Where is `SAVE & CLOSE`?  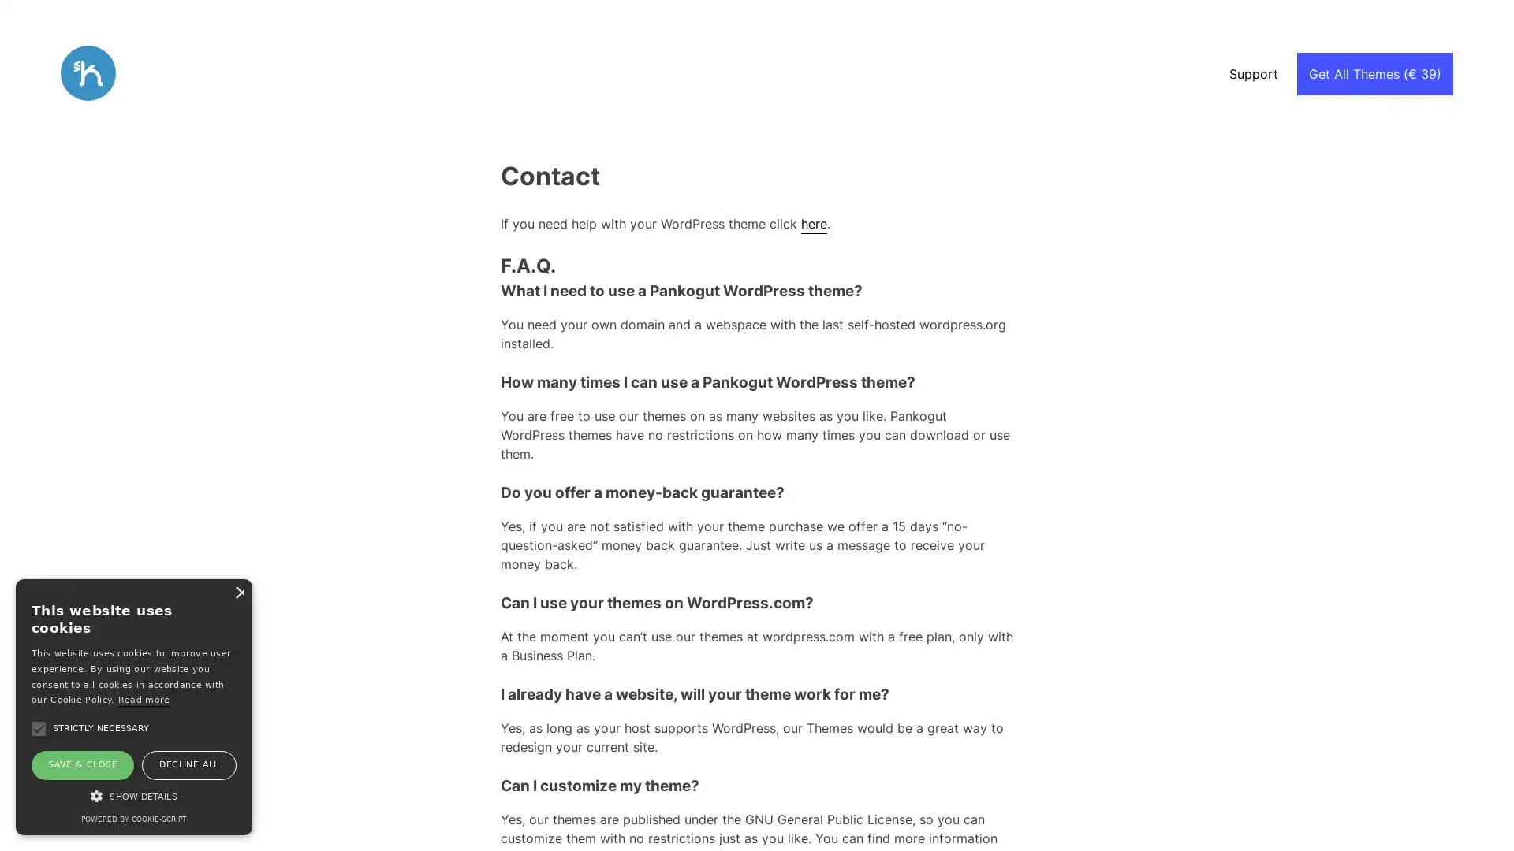
SAVE & CLOSE is located at coordinates (82, 764).